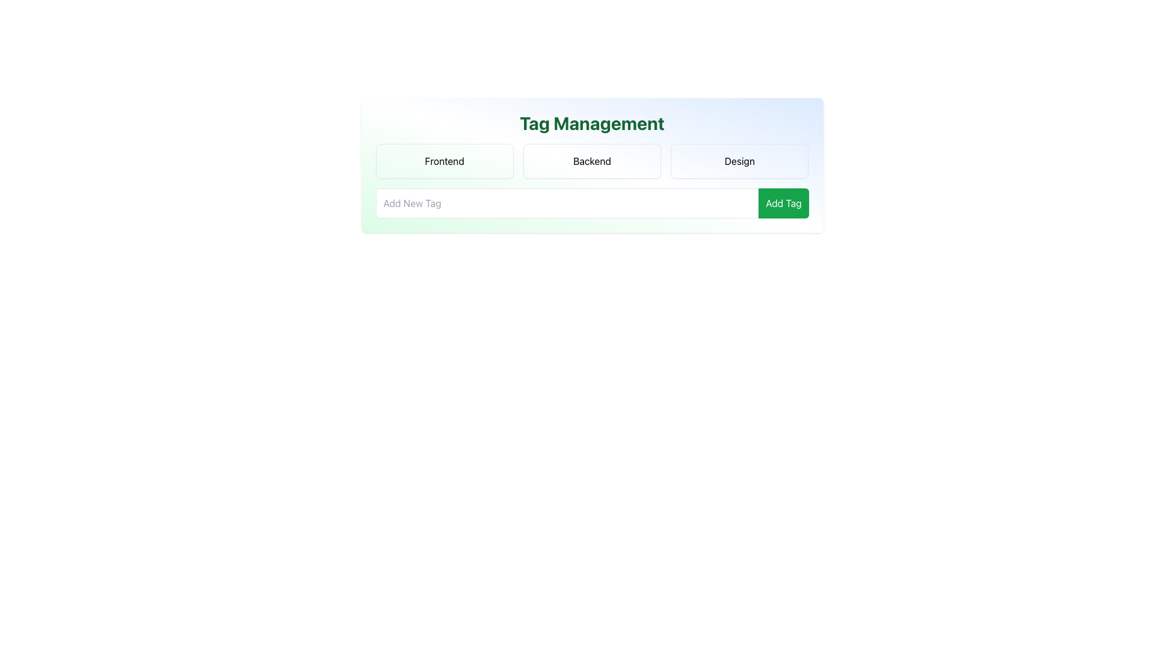  What do you see at coordinates (592, 160) in the screenshot?
I see `the middle element of the grid layout, which serves as a category selector for 'Backend'` at bounding box center [592, 160].